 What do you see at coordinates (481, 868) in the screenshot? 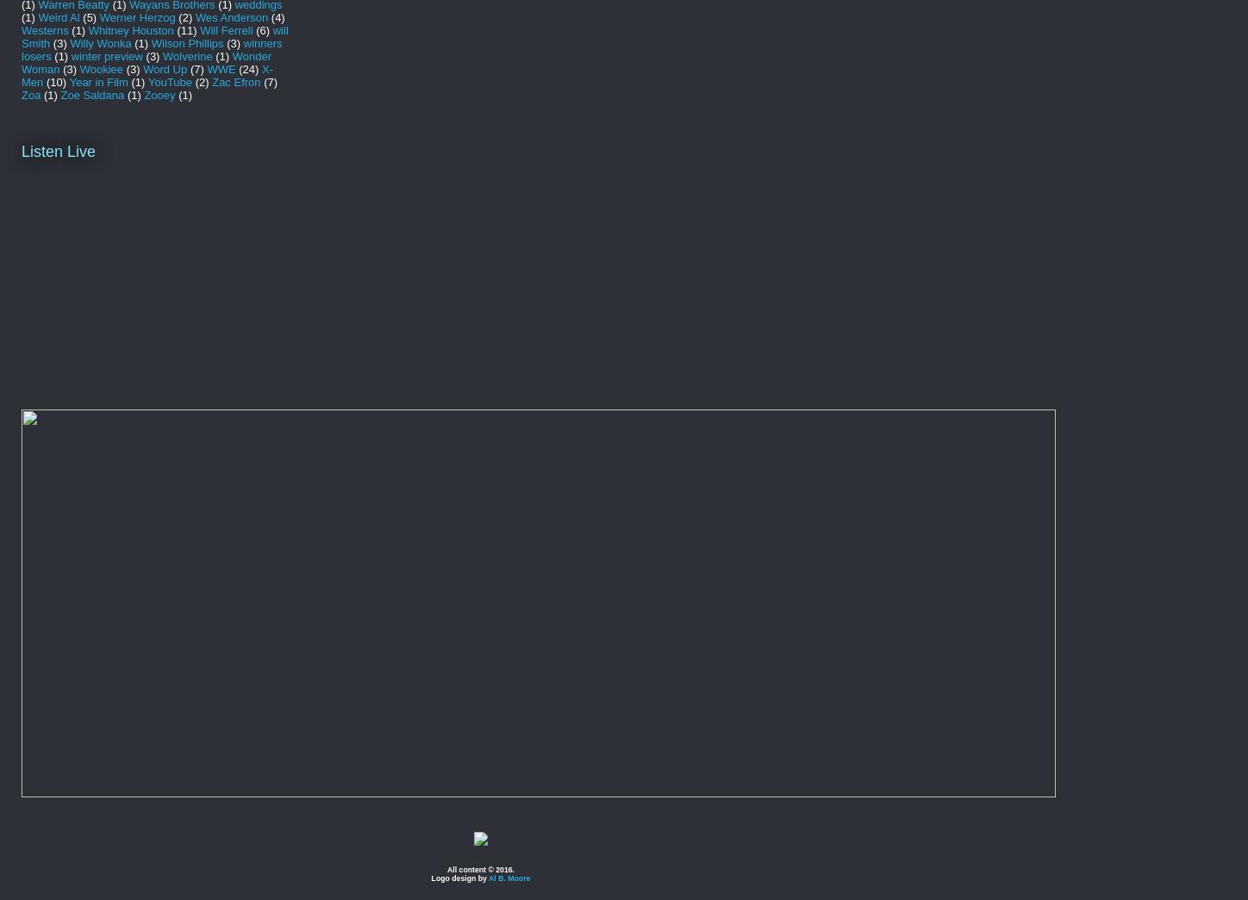
I see `'All content © 2016.'` at bounding box center [481, 868].